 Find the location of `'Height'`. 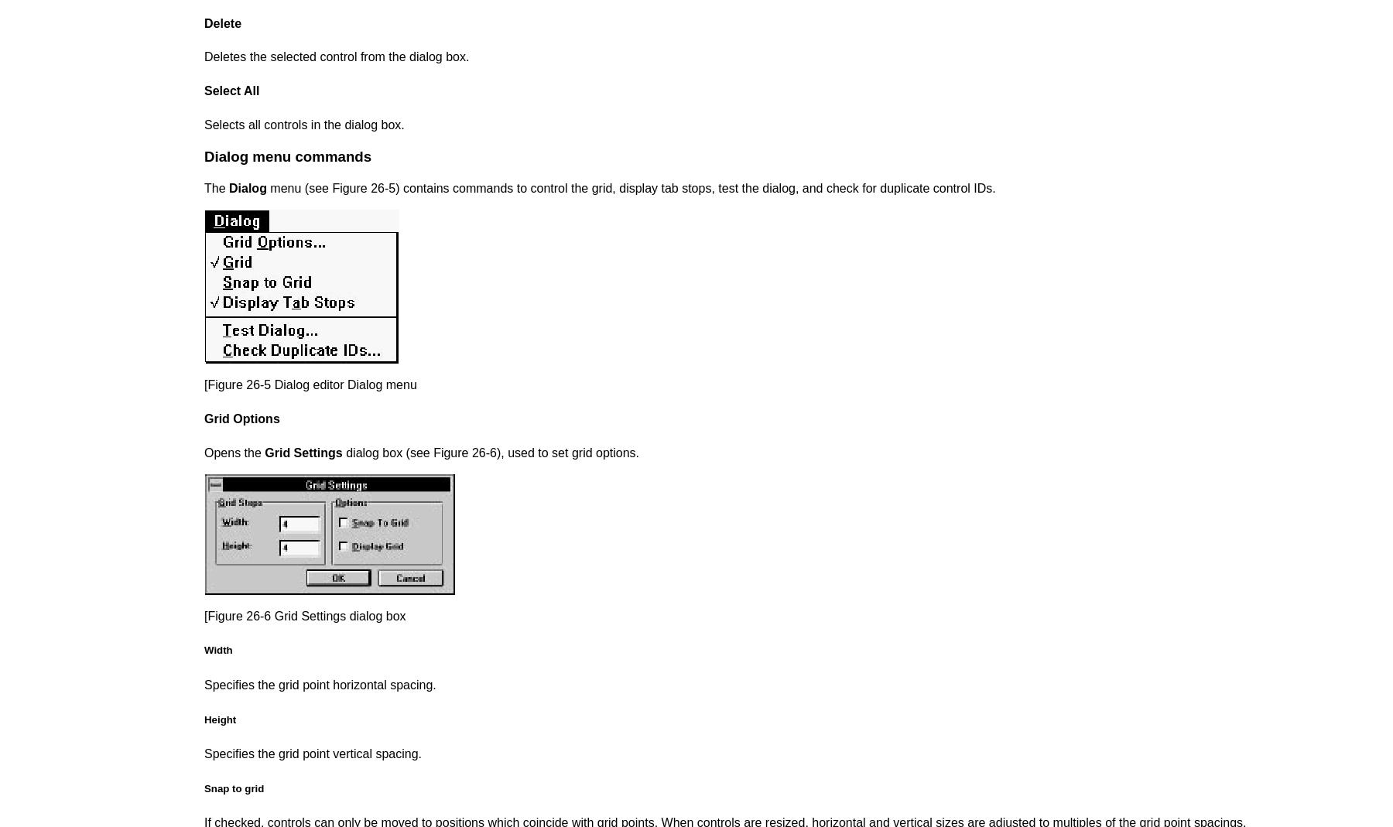

'Height' is located at coordinates (219, 718).